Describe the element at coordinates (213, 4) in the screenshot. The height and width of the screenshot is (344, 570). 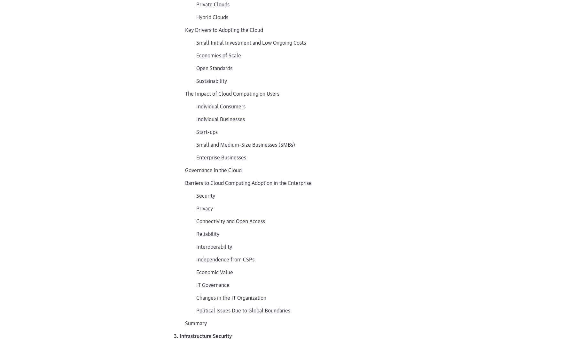
I see `'Private Clouds'` at that location.